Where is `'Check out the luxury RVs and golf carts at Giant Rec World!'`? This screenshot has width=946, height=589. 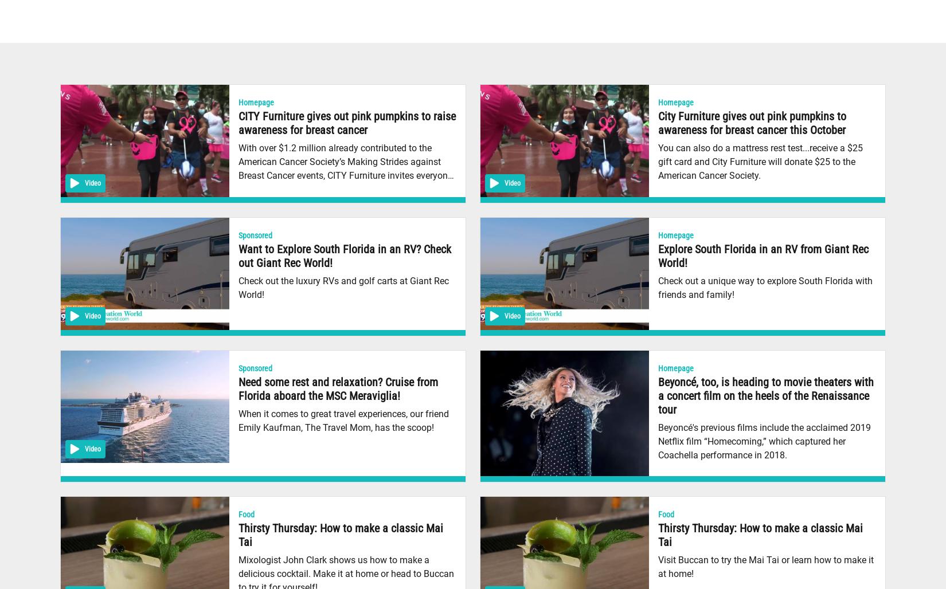
'Check out the luxury RVs and golf carts at Giant Rec World!' is located at coordinates (343, 286).